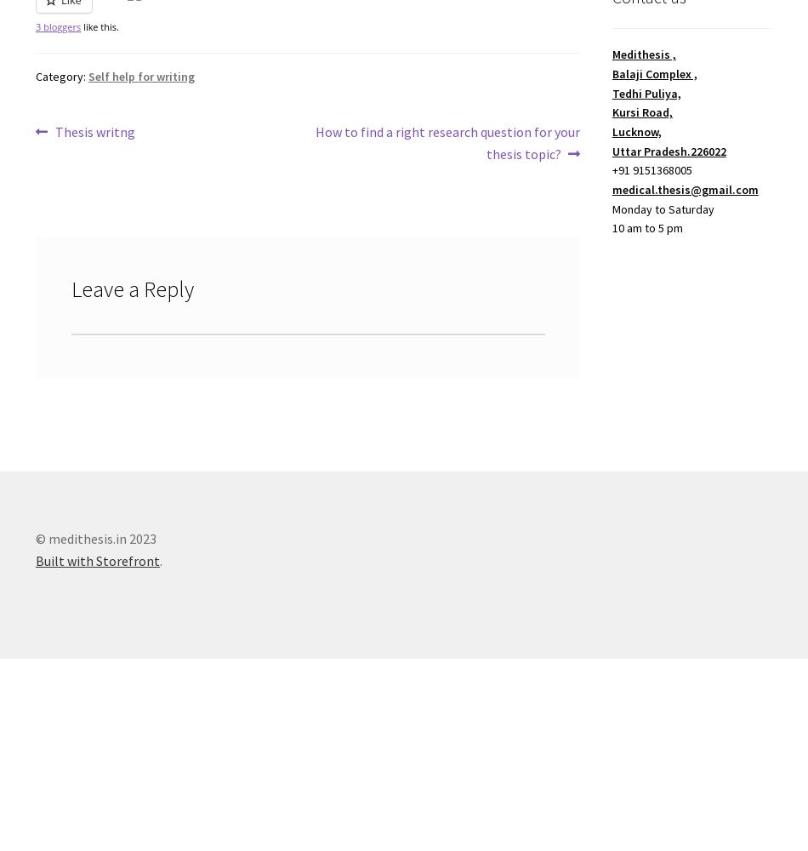 The height and width of the screenshot is (851, 808). Describe the element at coordinates (610, 112) in the screenshot. I see `'Kursi Road,'` at that location.